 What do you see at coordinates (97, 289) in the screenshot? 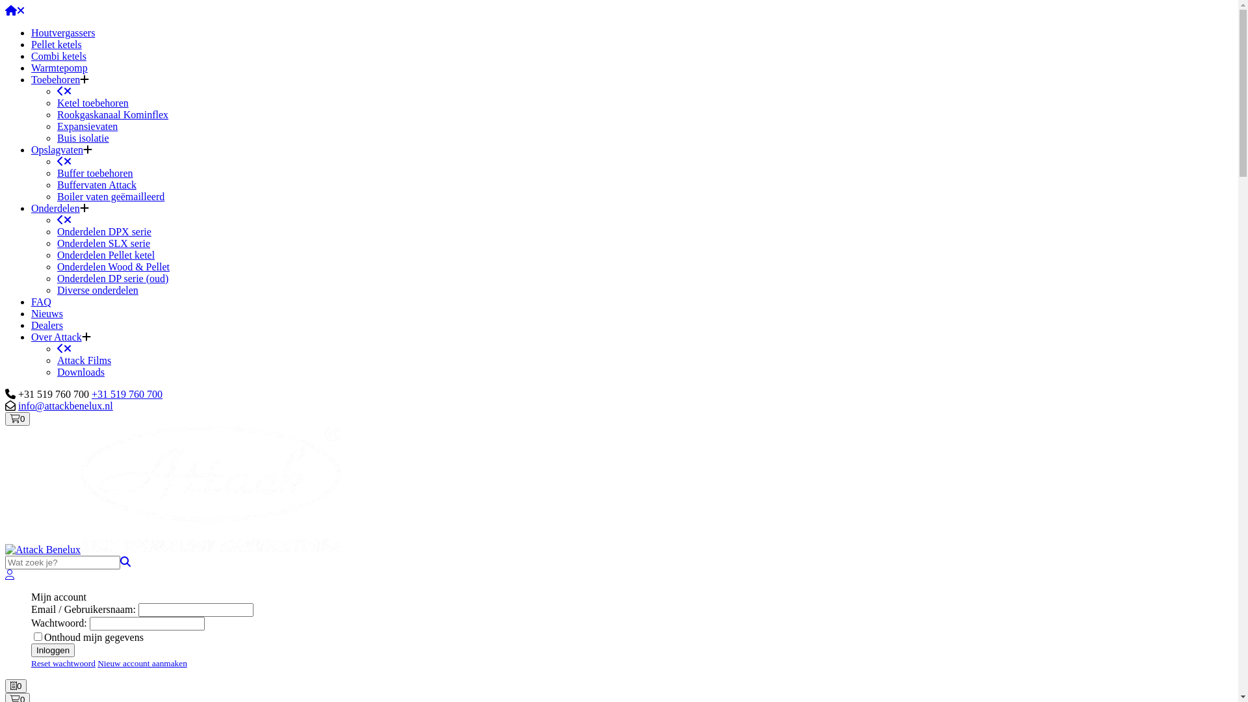
I see `'Diverse onderdelen'` at bounding box center [97, 289].